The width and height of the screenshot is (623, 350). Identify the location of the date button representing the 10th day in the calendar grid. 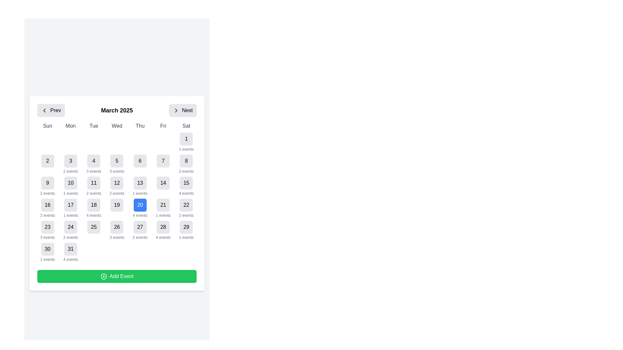
(70, 183).